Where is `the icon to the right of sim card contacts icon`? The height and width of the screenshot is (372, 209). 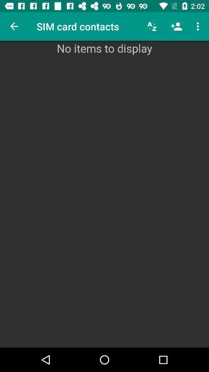
the icon to the right of sim card contacts icon is located at coordinates (152, 26).